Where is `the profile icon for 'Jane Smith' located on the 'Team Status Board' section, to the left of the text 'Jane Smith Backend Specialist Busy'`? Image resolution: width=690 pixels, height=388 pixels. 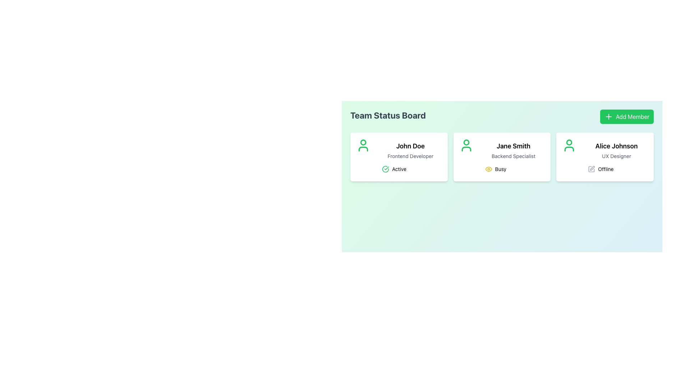
the profile icon for 'Jane Smith' located on the 'Team Status Board' section, to the left of the text 'Jane Smith Backend Specialist Busy' is located at coordinates (466, 145).